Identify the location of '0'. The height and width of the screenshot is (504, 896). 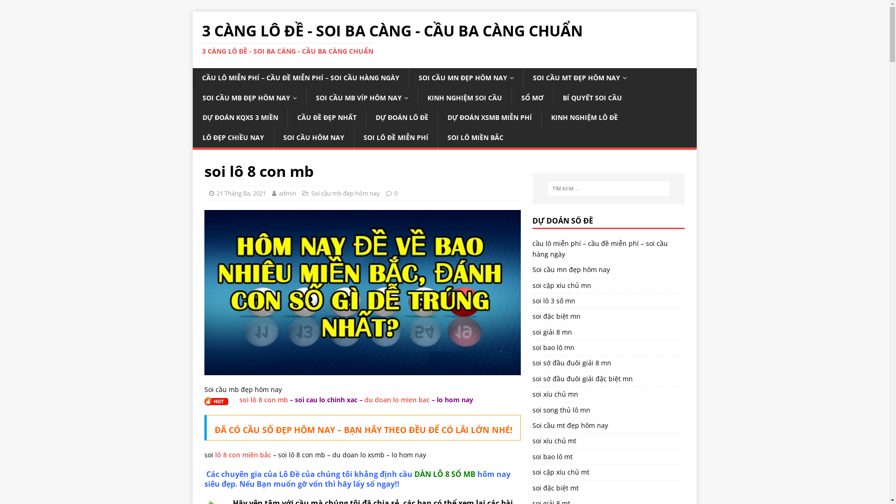
(395, 192).